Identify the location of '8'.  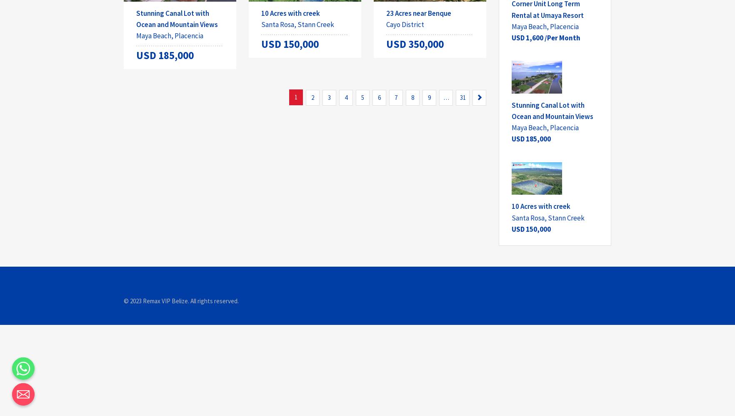
(412, 97).